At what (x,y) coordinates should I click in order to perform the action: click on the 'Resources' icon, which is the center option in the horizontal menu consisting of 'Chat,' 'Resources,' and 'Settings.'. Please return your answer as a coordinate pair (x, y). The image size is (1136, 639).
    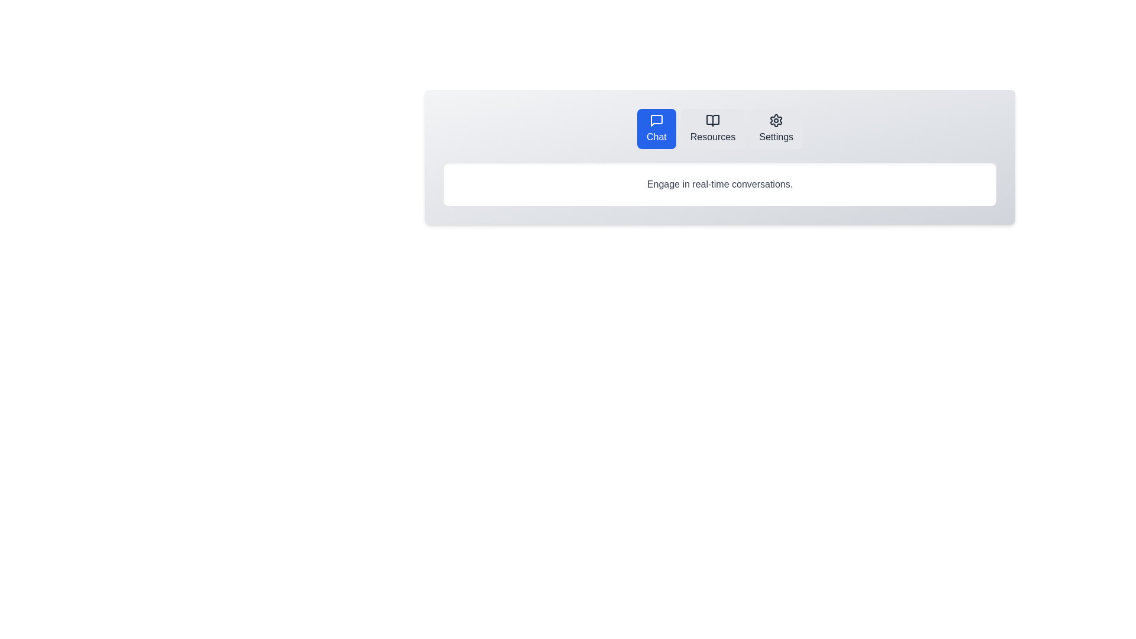
    Looking at the image, I should click on (712, 121).